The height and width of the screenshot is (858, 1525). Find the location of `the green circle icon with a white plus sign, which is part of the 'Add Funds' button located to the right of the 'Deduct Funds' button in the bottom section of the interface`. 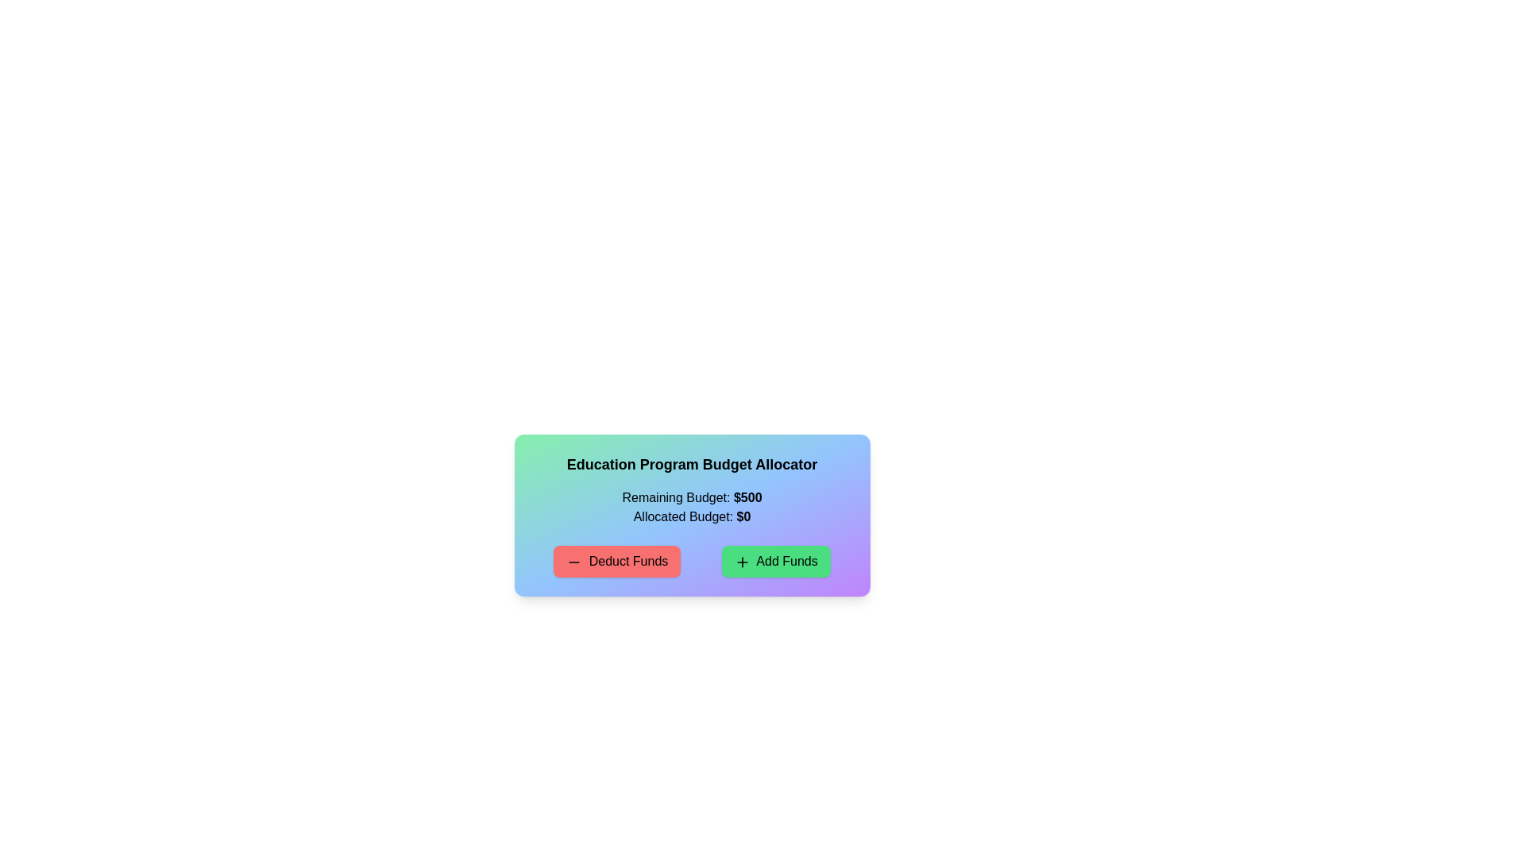

the green circle icon with a white plus sign, which is part of the 'Add Funds' button located to the right of the 'Deduct Funds' button in the bottom section of the interface is located at coordinates (741, 561).